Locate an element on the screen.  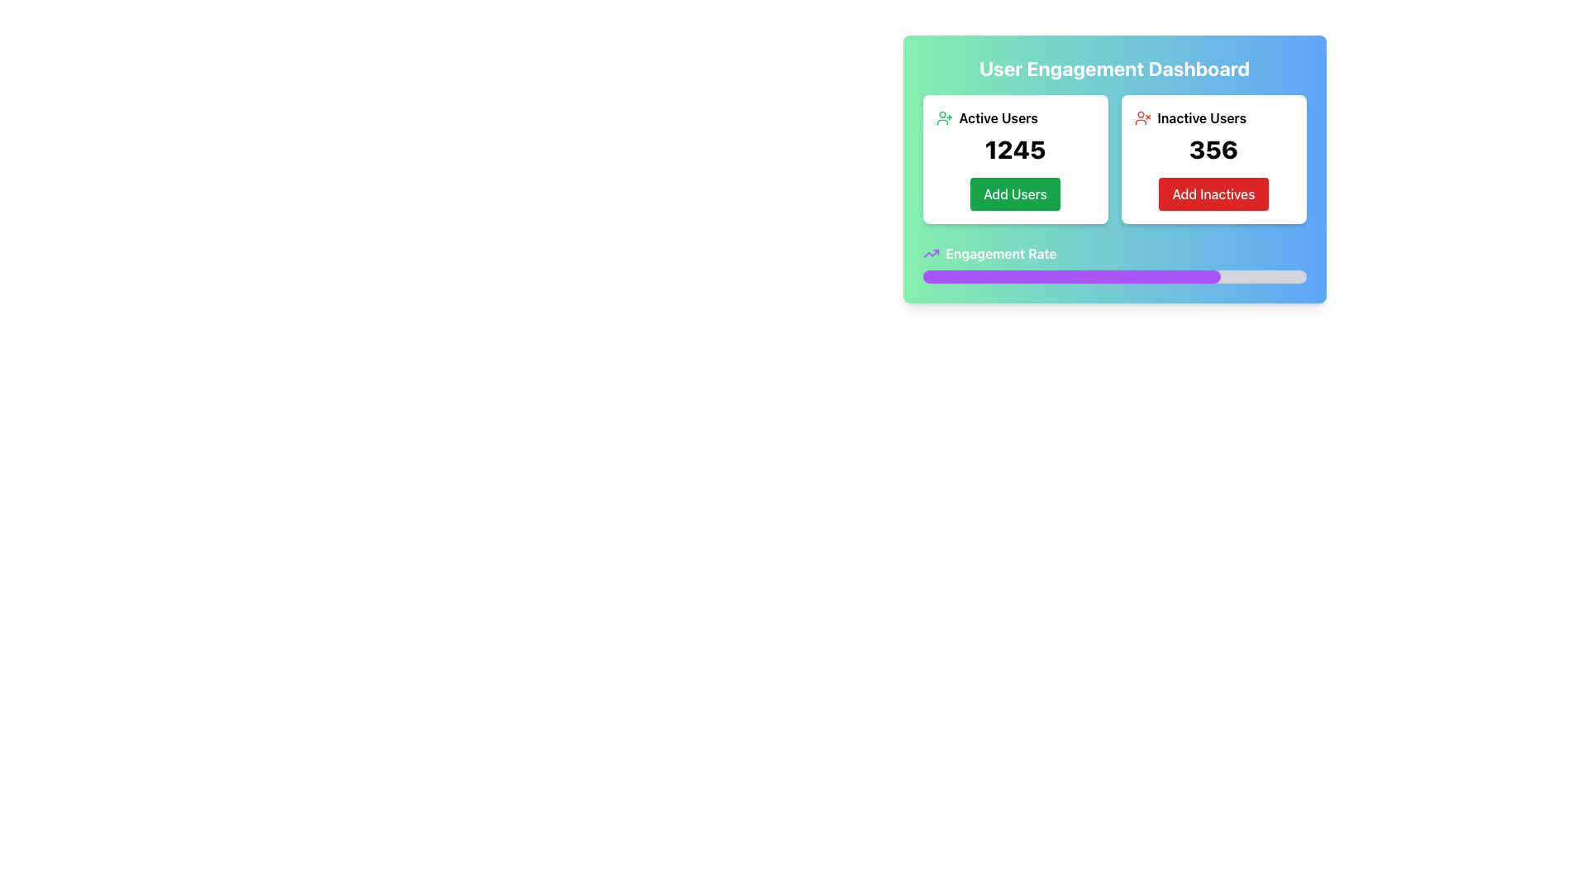
the Progress Bar Segment that visually indicates progress or completion percentage within the user engagement dashboard is located at coordinates (1071, 276).